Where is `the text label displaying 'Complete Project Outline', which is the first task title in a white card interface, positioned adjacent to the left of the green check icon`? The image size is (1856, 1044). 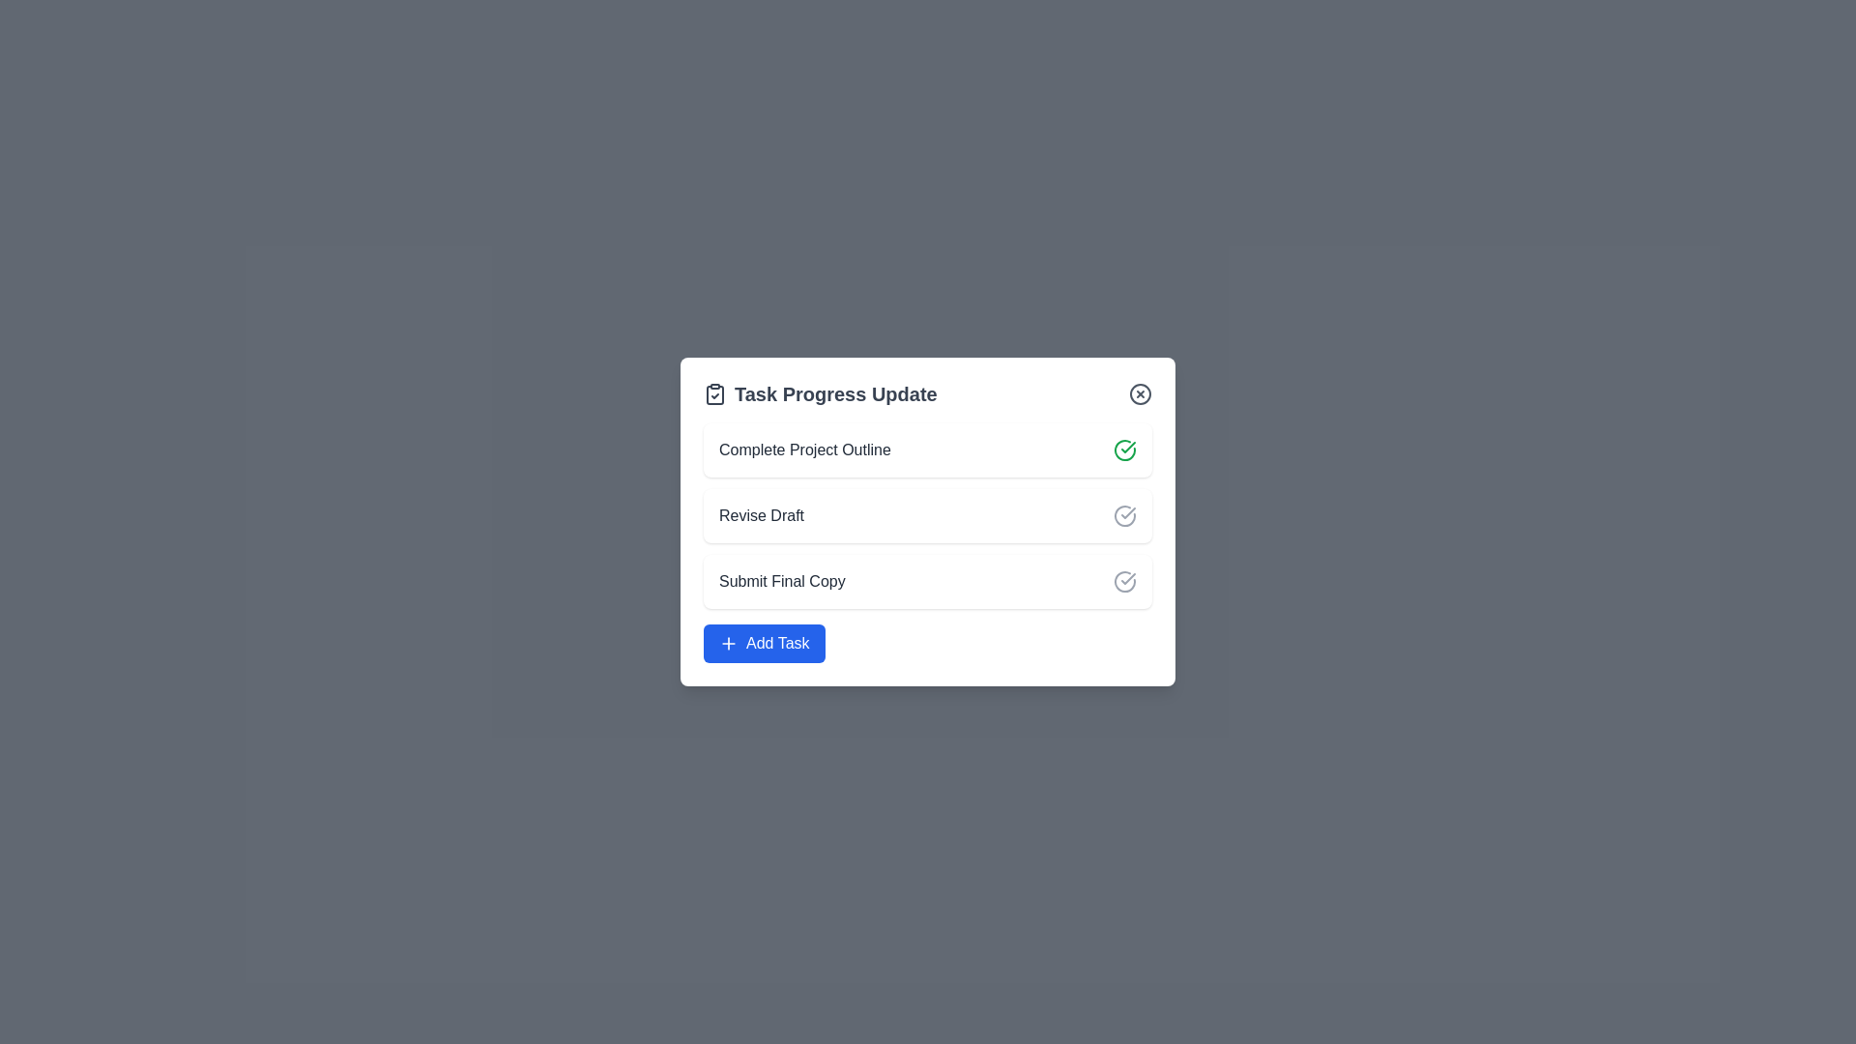
the text label displaying 'Complete Project Outline', which is the first task title in a white card interface, positioned adjacent to the left of the green check icon is located at coordinates (804, 450).